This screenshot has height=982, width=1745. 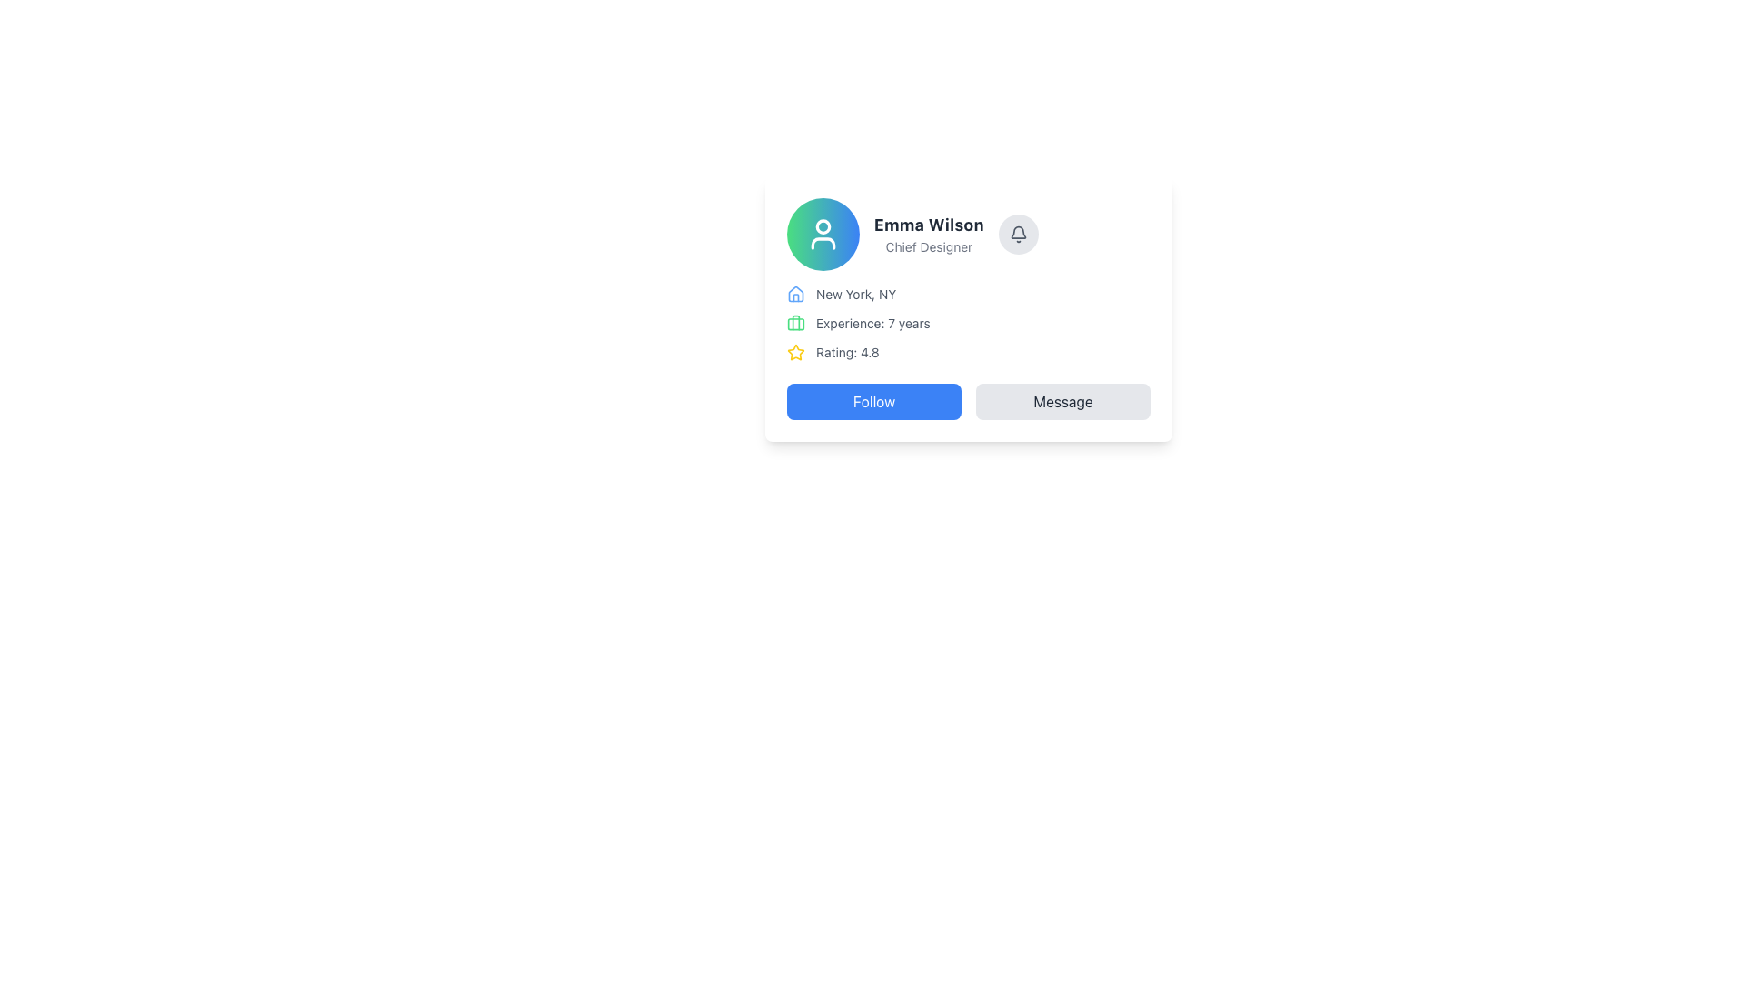 I want to click on the rightmost button labeled 'Message' with a light gray background, so click(x=1063, y=401).